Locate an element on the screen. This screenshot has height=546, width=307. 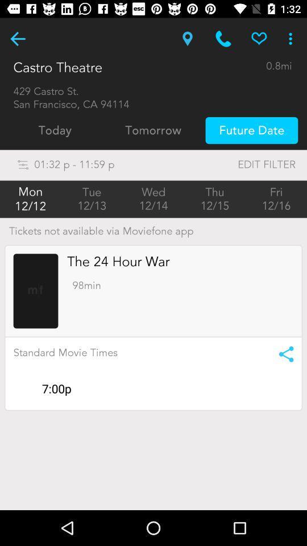
the icon next to the 01 32 p item is located at coordinates (243, 164).